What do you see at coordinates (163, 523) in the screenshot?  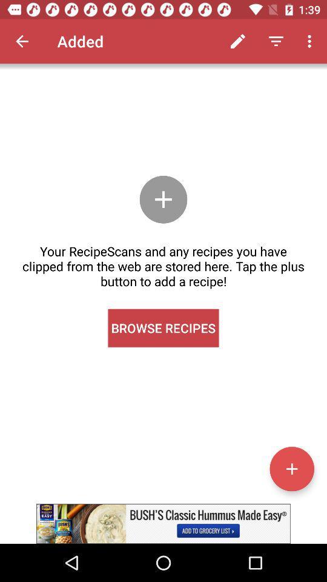 I see `open advertisement` at bounding box center [163, 523].